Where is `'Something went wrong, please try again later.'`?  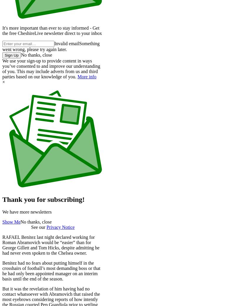 'Something went wrong, please try again later.' is located at coordinates (51, 46).